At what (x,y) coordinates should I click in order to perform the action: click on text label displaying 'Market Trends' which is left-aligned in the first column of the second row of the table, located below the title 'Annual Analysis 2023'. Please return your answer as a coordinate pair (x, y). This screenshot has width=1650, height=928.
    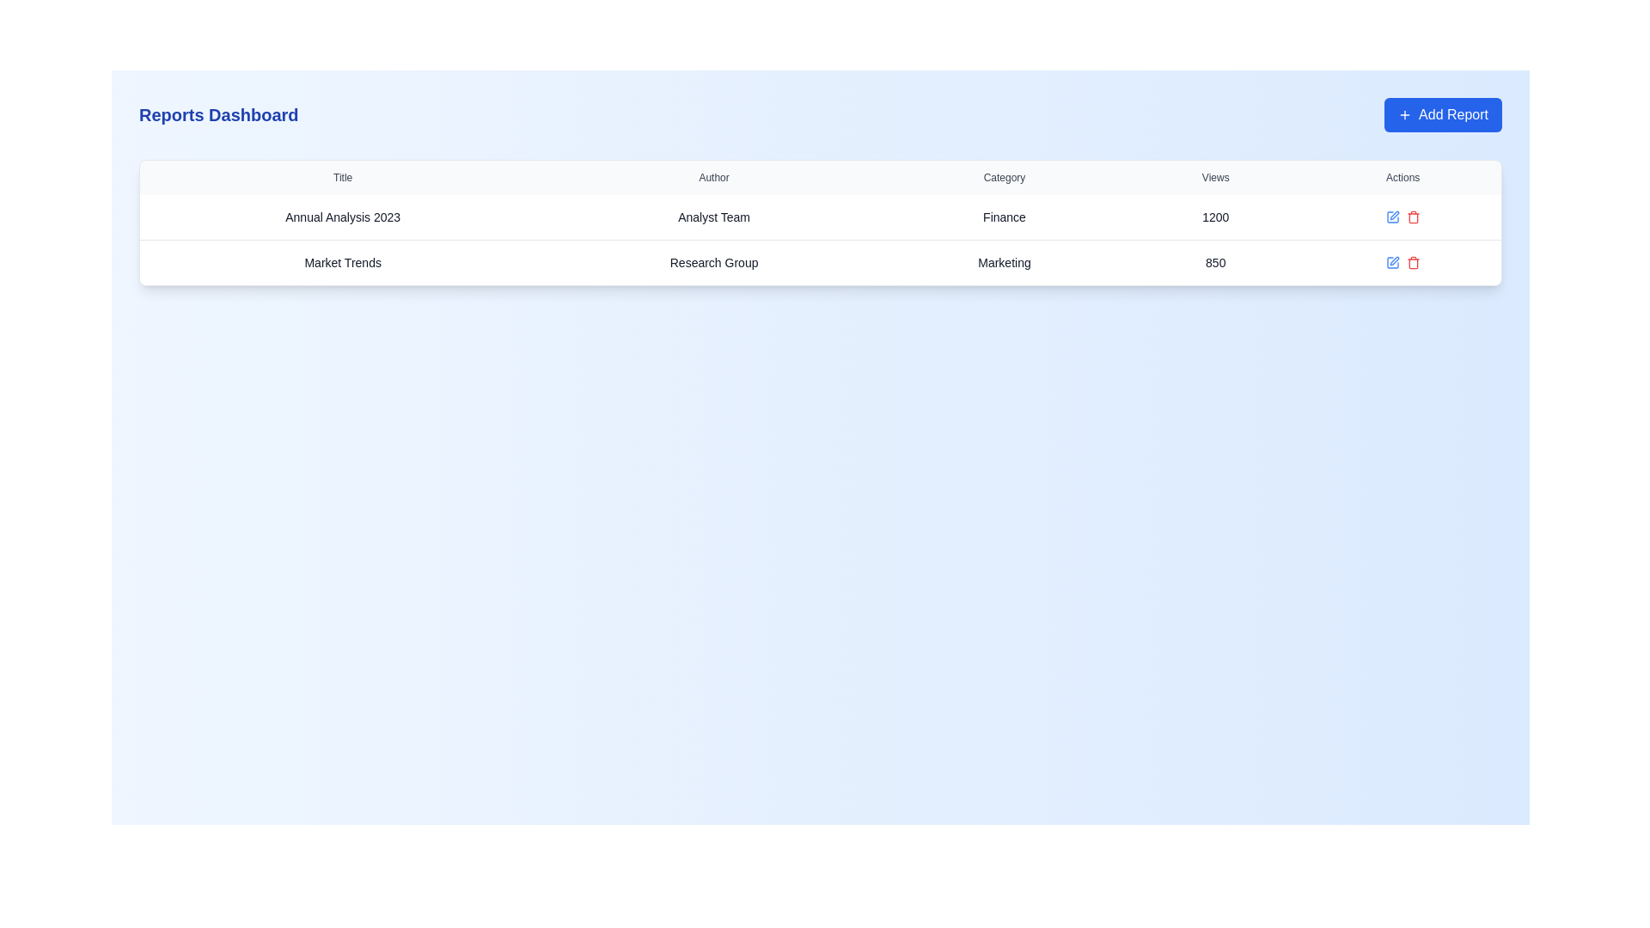
    Looking at the image, I should click on (343, 262).